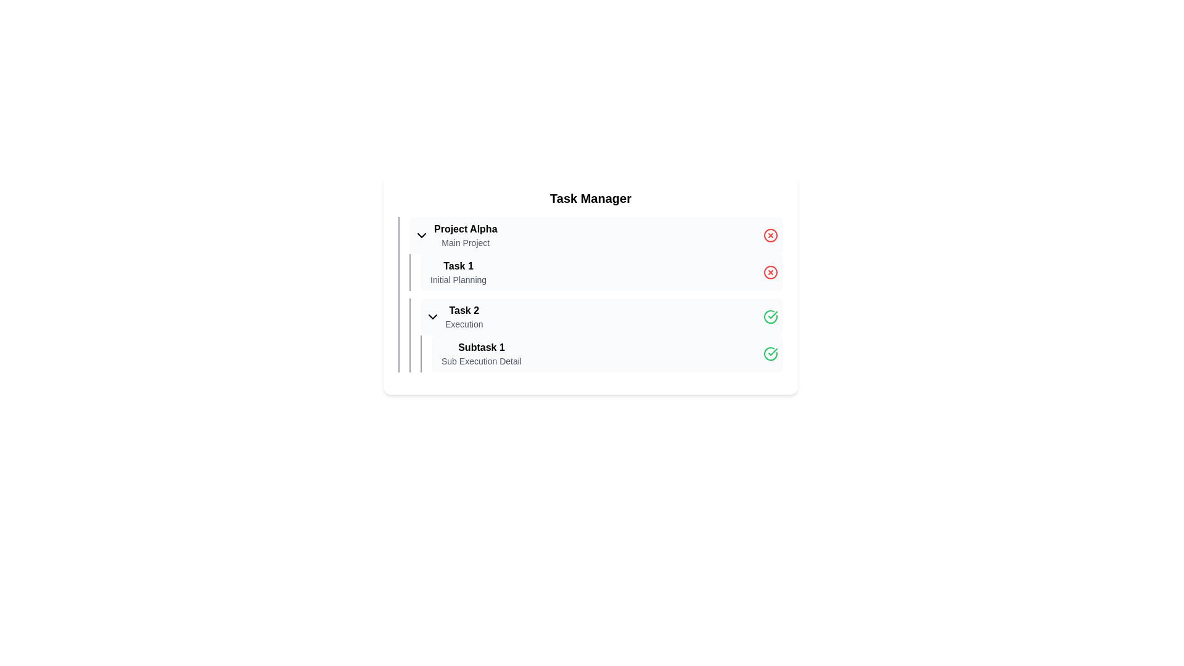  Describe the element at coordinates (601, 316) in the screenshot. I see `the status indicated by the green check-circle icon on the right side of the 'Task 2' collapsible section header` at that location.